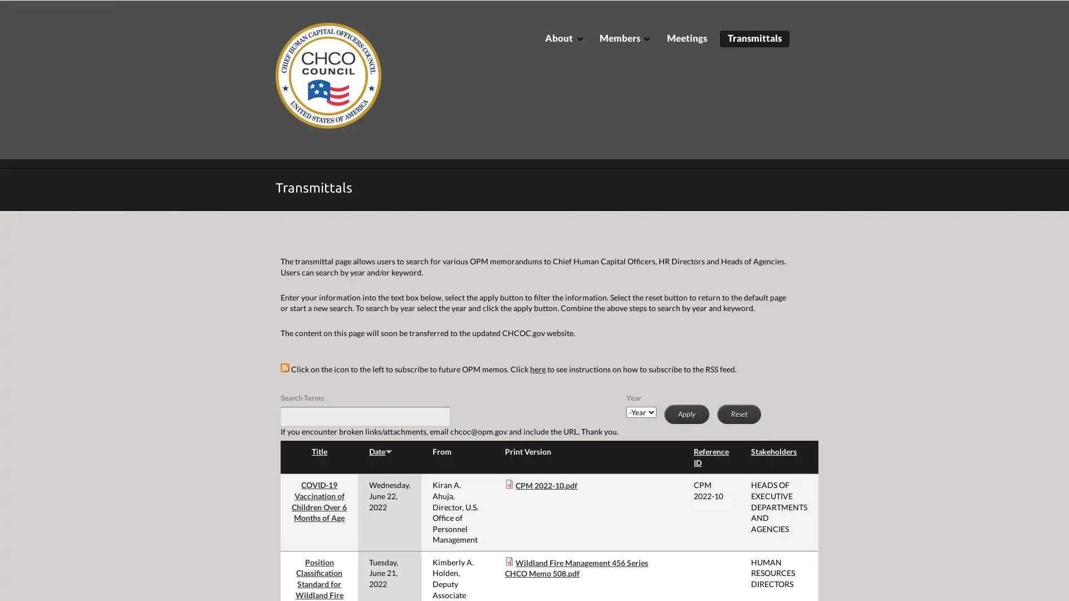 This screenshot has width=1069, height=601. Describe the element at coordinates (739, 414) in the screenshot. I see `Reset` at that location.